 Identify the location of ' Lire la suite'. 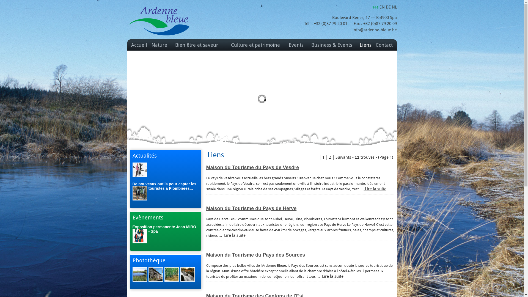
(331, 276).